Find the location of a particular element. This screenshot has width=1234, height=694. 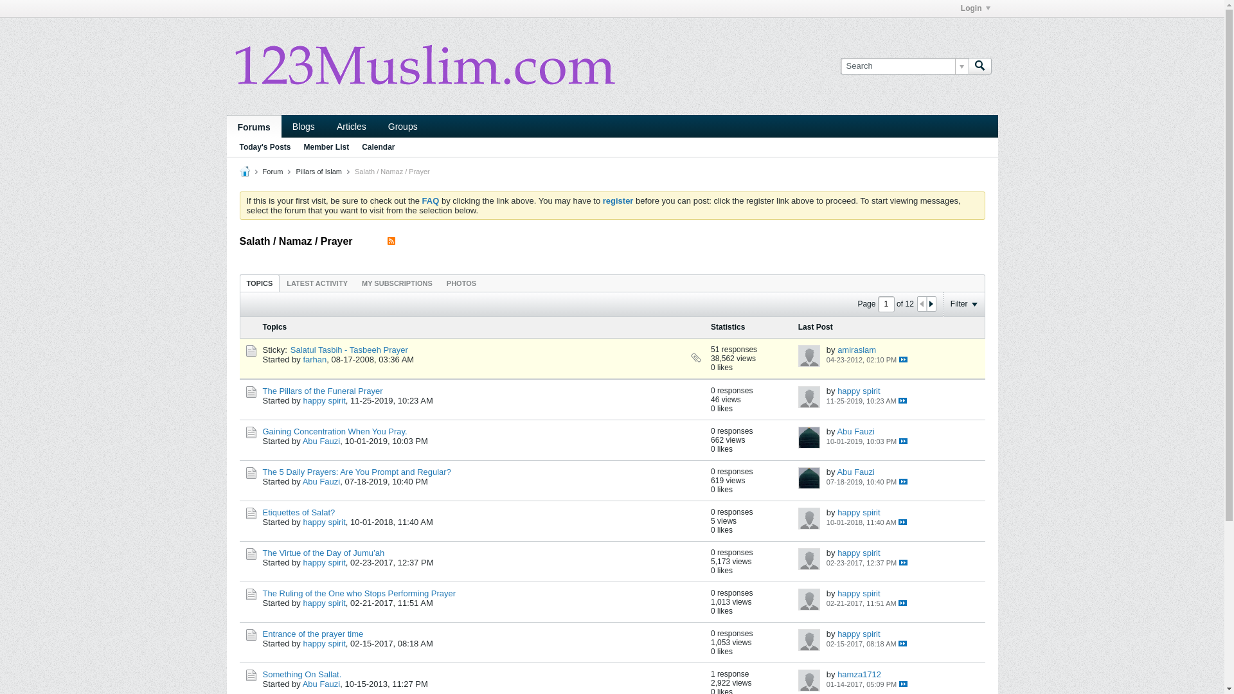

' ' is located at coordinates (902, 359).